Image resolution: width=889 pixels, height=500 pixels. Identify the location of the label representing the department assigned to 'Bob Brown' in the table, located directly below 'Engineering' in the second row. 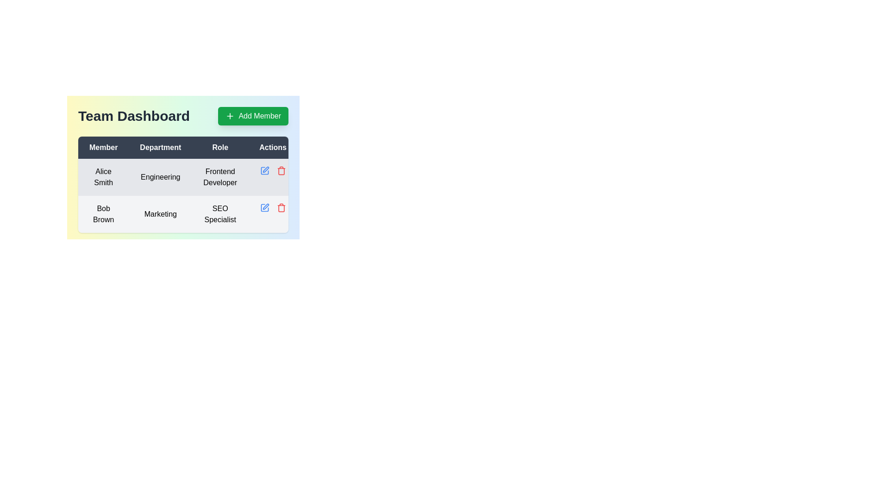
(160, 214).